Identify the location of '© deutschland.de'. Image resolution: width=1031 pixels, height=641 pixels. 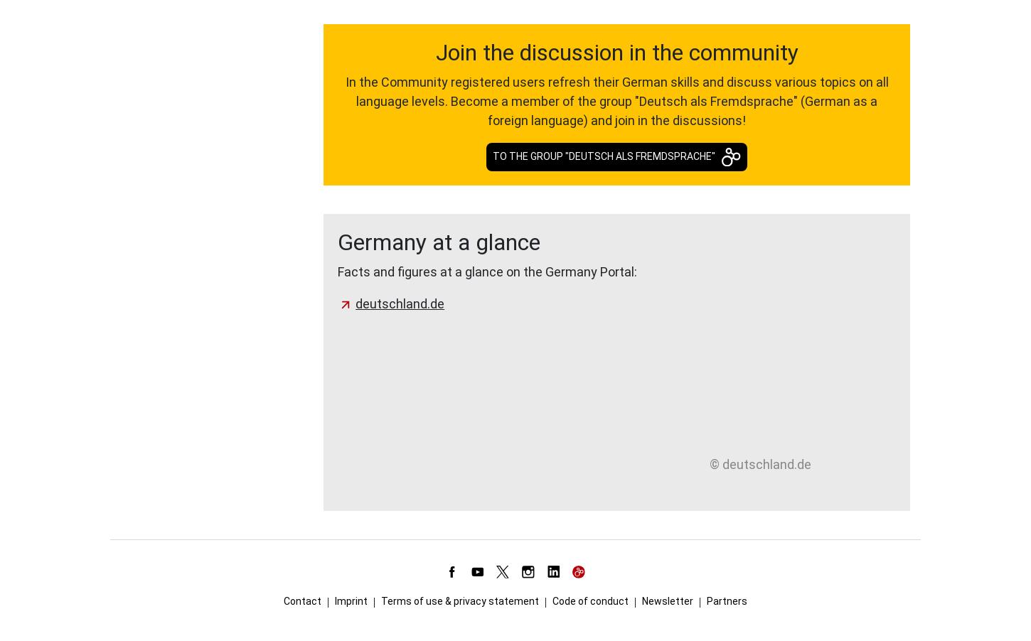
(710, 463).